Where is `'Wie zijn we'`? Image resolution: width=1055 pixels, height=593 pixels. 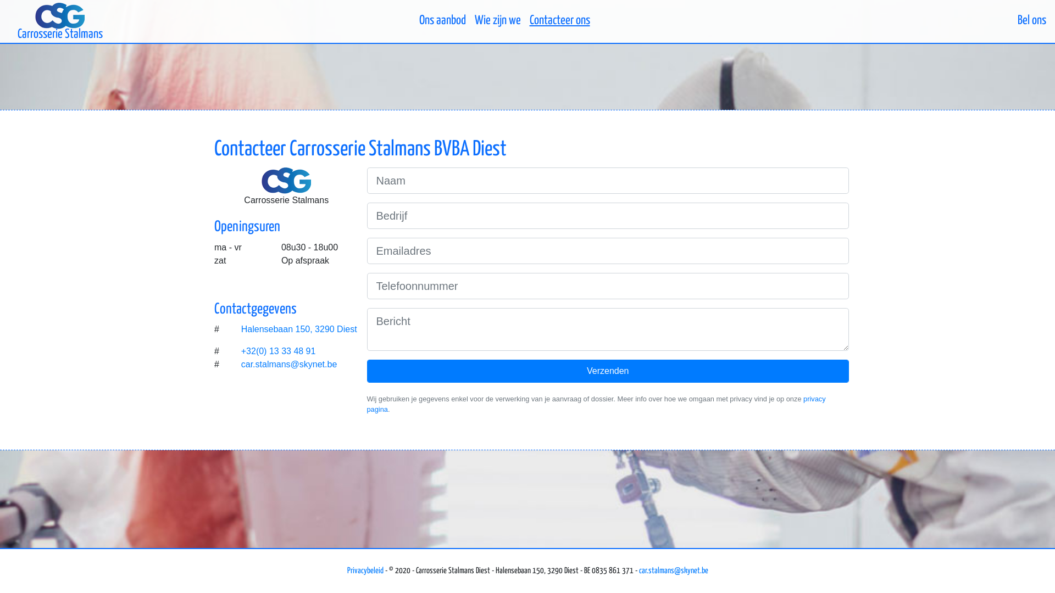 'Wie zijn we' is located at coordinates (497, 21).